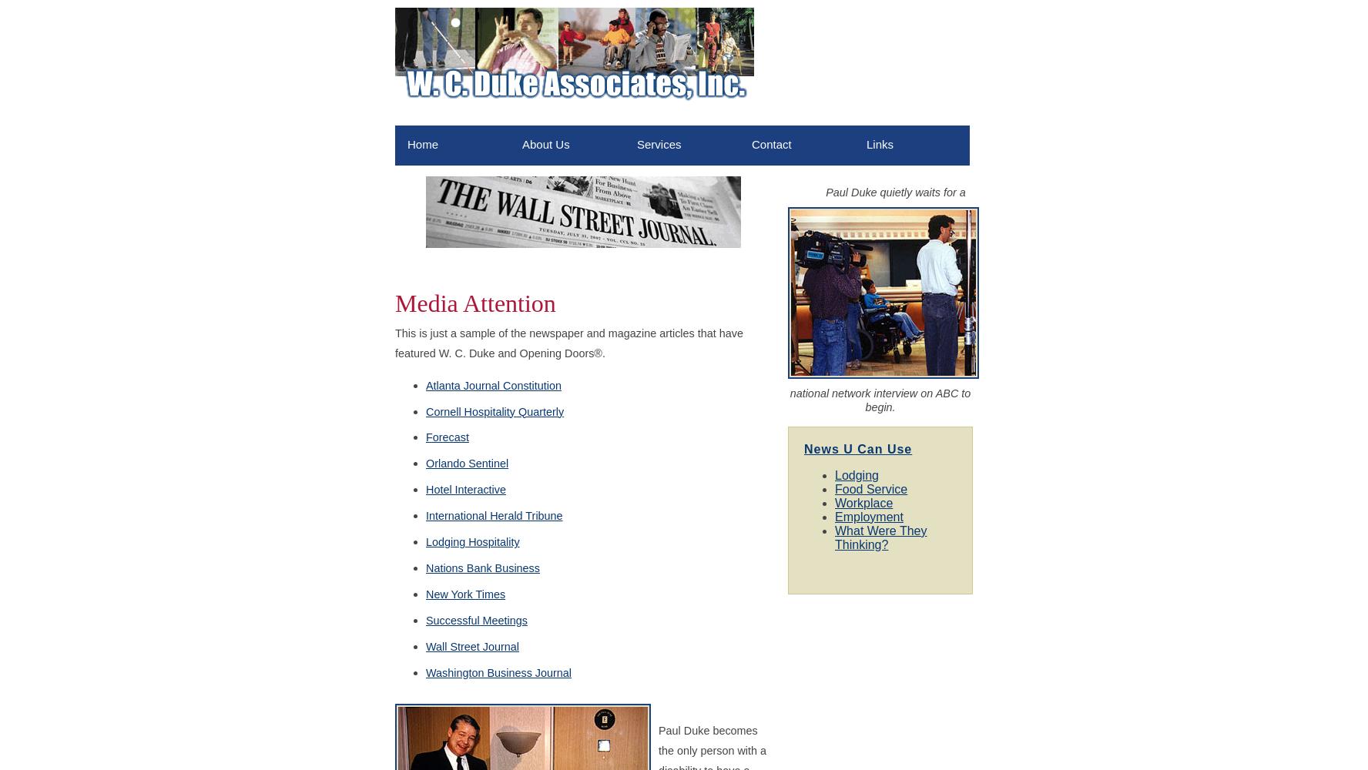  What do you see at coordinates (466, 463) in the screenshot?
I see `'Orlando Sentinel'` at bounding box center [466, 463].